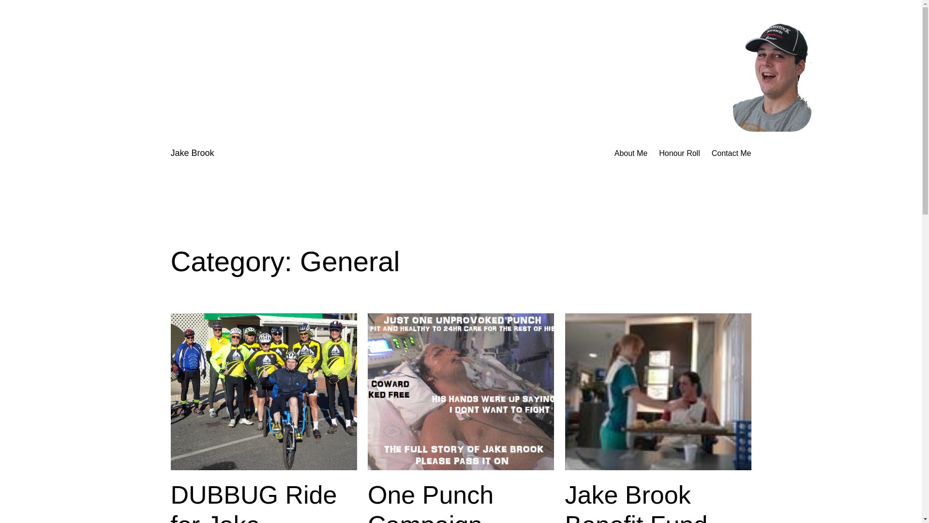 The height and width of the screenshot is (523, 929). Describe the element at coordinates (711, 153) in the screenshot. I see `'Contact Me'` at that location.